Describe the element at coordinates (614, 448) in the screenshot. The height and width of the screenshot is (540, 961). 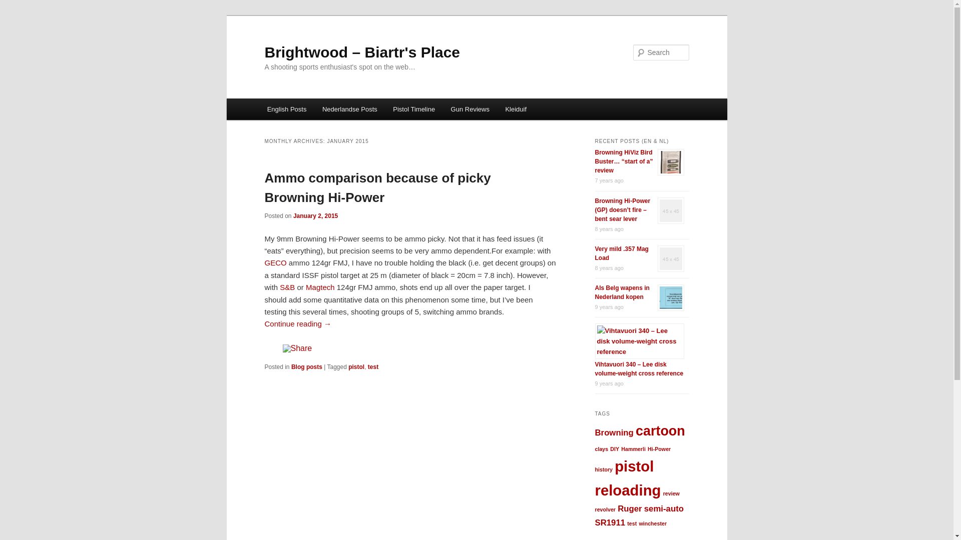
I see `'DIY'` at that location.